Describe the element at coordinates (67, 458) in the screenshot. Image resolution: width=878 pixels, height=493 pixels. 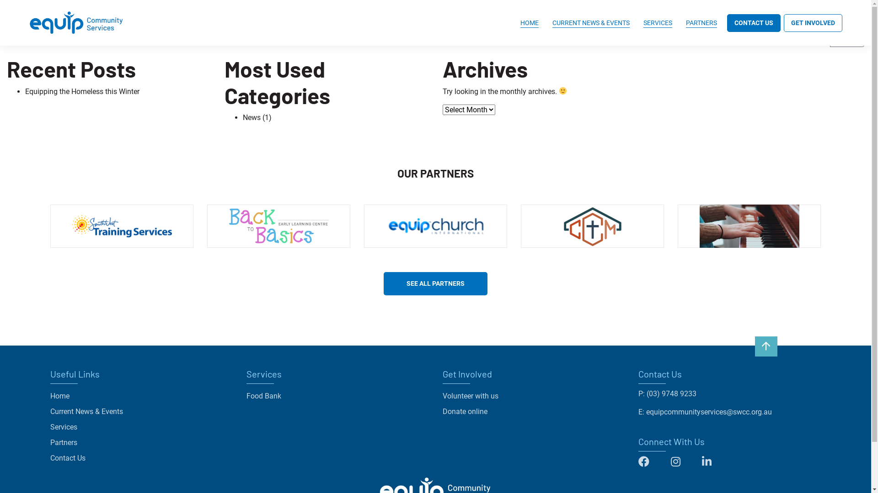
I see `'Contact Us'` at that location.